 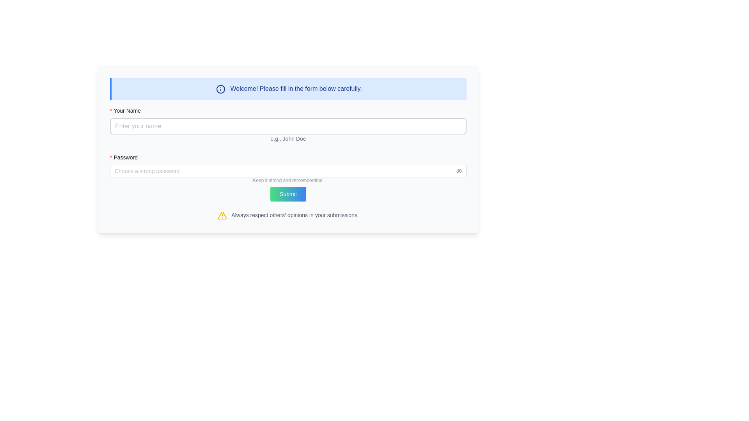 What do you see at coordinates (288, 182) in the screenshot?
I see `the text label that contains the hint 'Keep it strong and rememberable', which is displayed in a smaller gray font directly below the password input field` at bounding box center [288, 182].